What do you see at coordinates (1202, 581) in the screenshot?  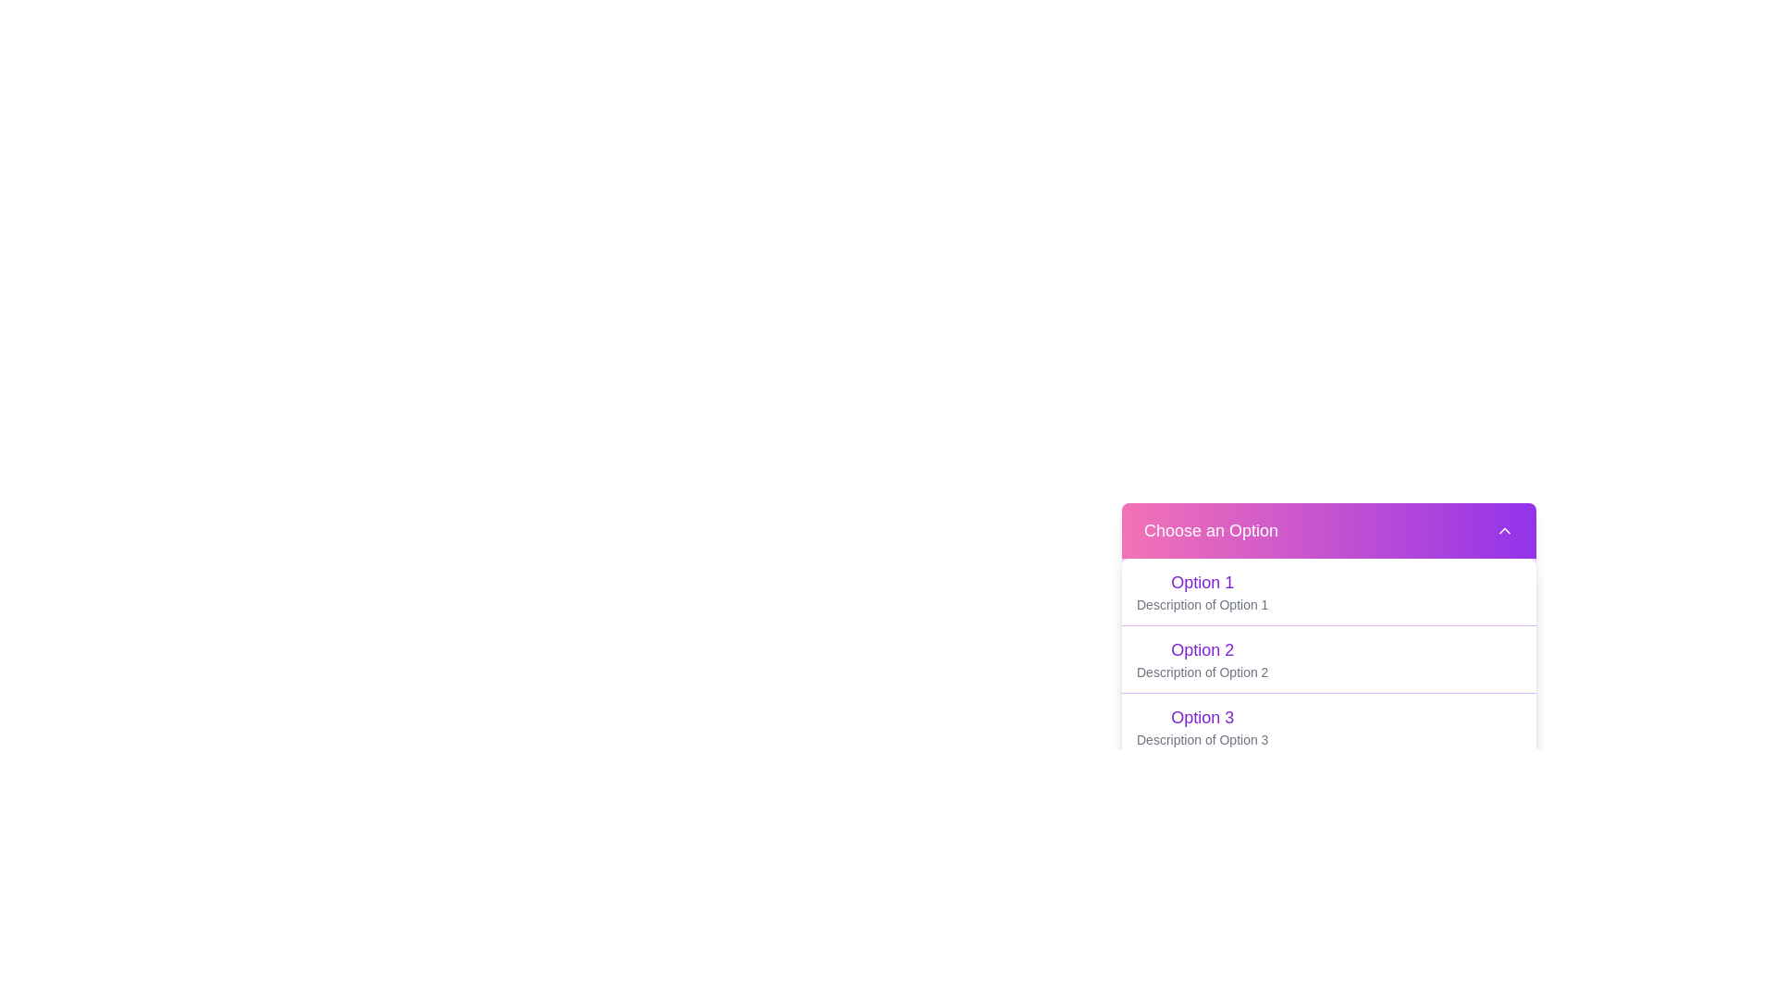 I see `the text label displaying 'Option 1' which is located at the top of the dropdown list under the header 'Choose an Option'` at bounding box center [1202, 581].